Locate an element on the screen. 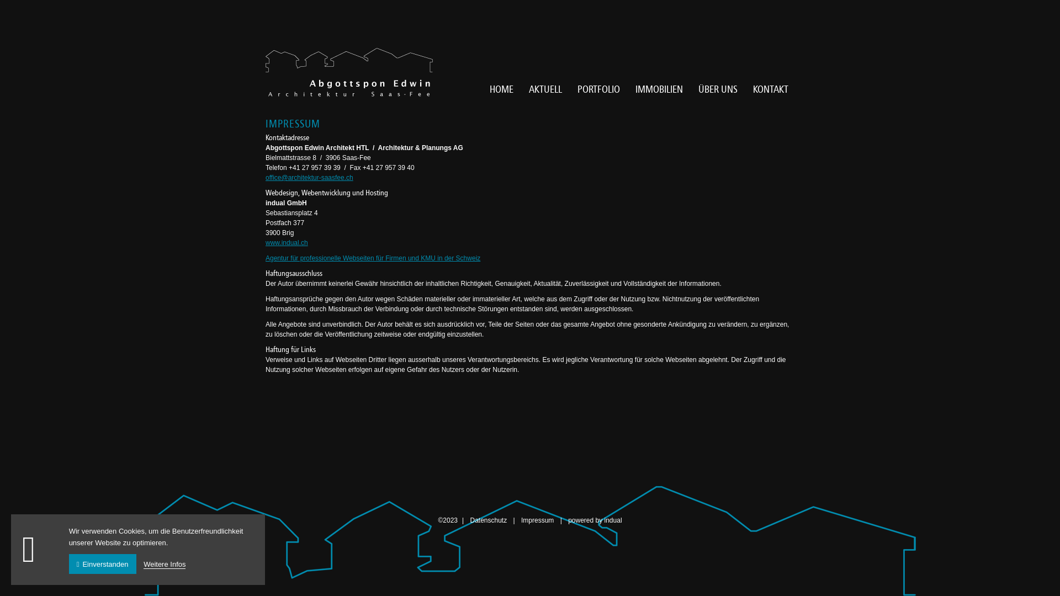 The width and height of the screenshot is (1060, 596). 'AKTUELL' is located at coordinates (545, 88).